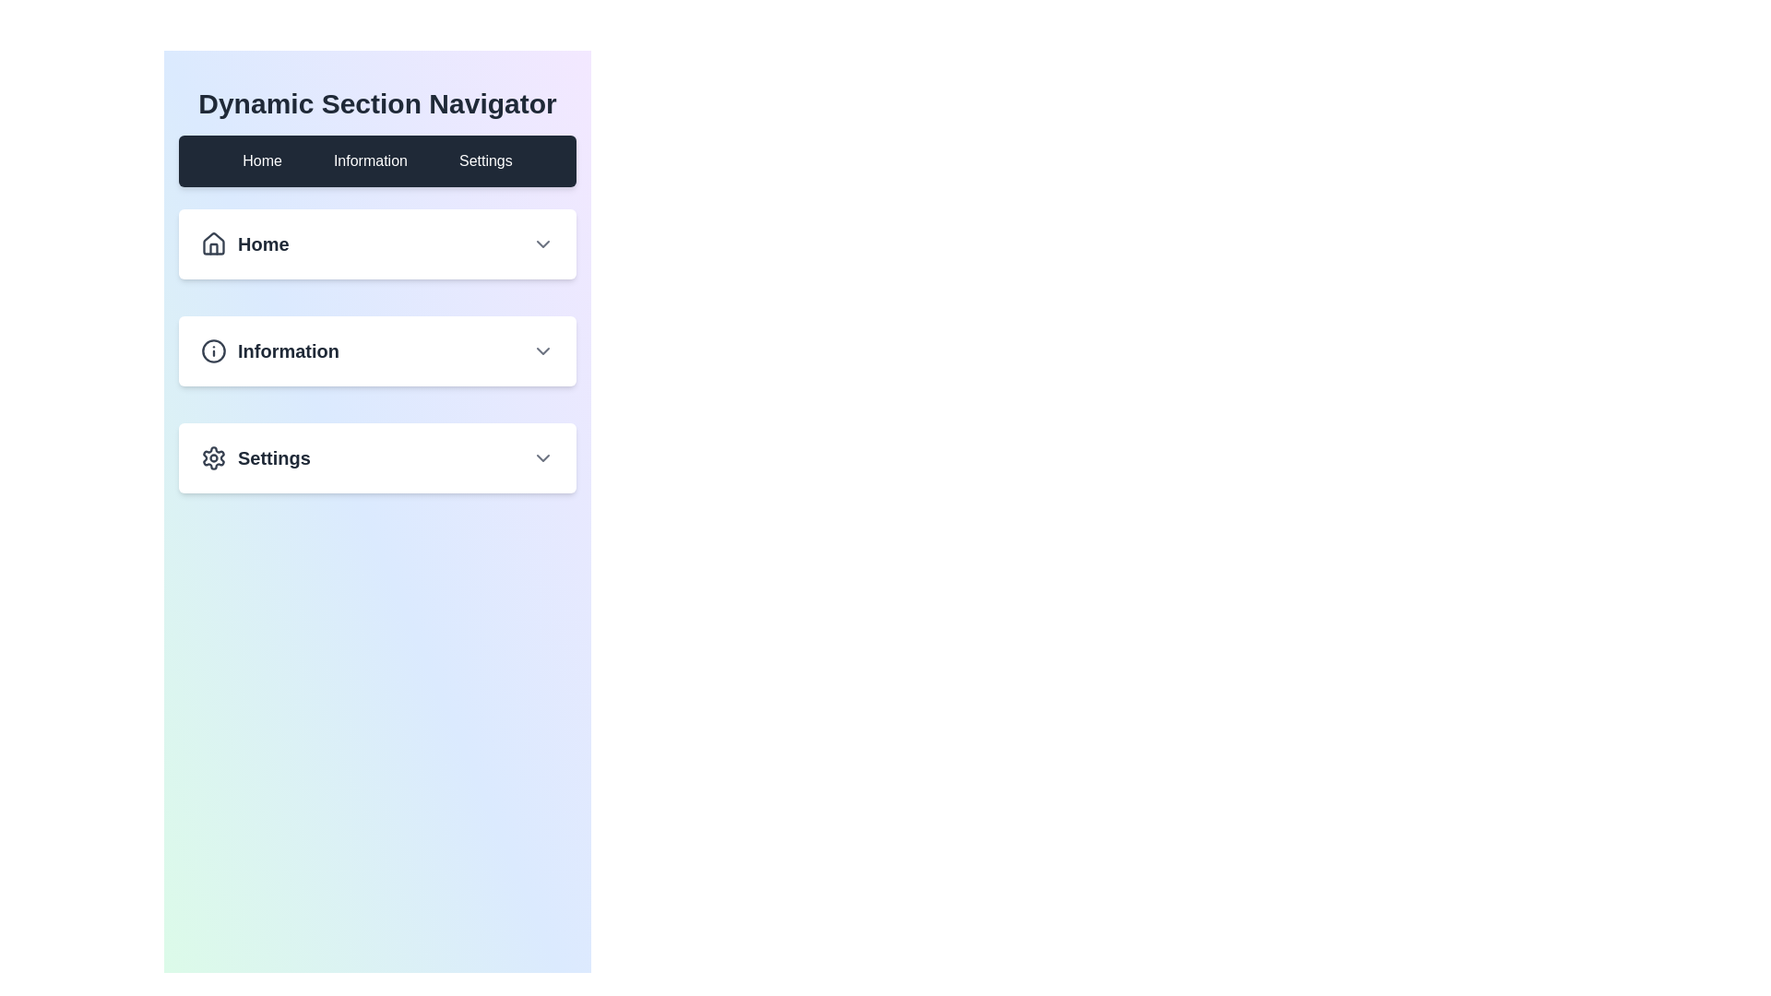 The height and width of the screenshot is (996, 1771). I want to click on the bold 'Information' text label located to the right of the information icon in the second section of the navigation pane, so click(287, 351).